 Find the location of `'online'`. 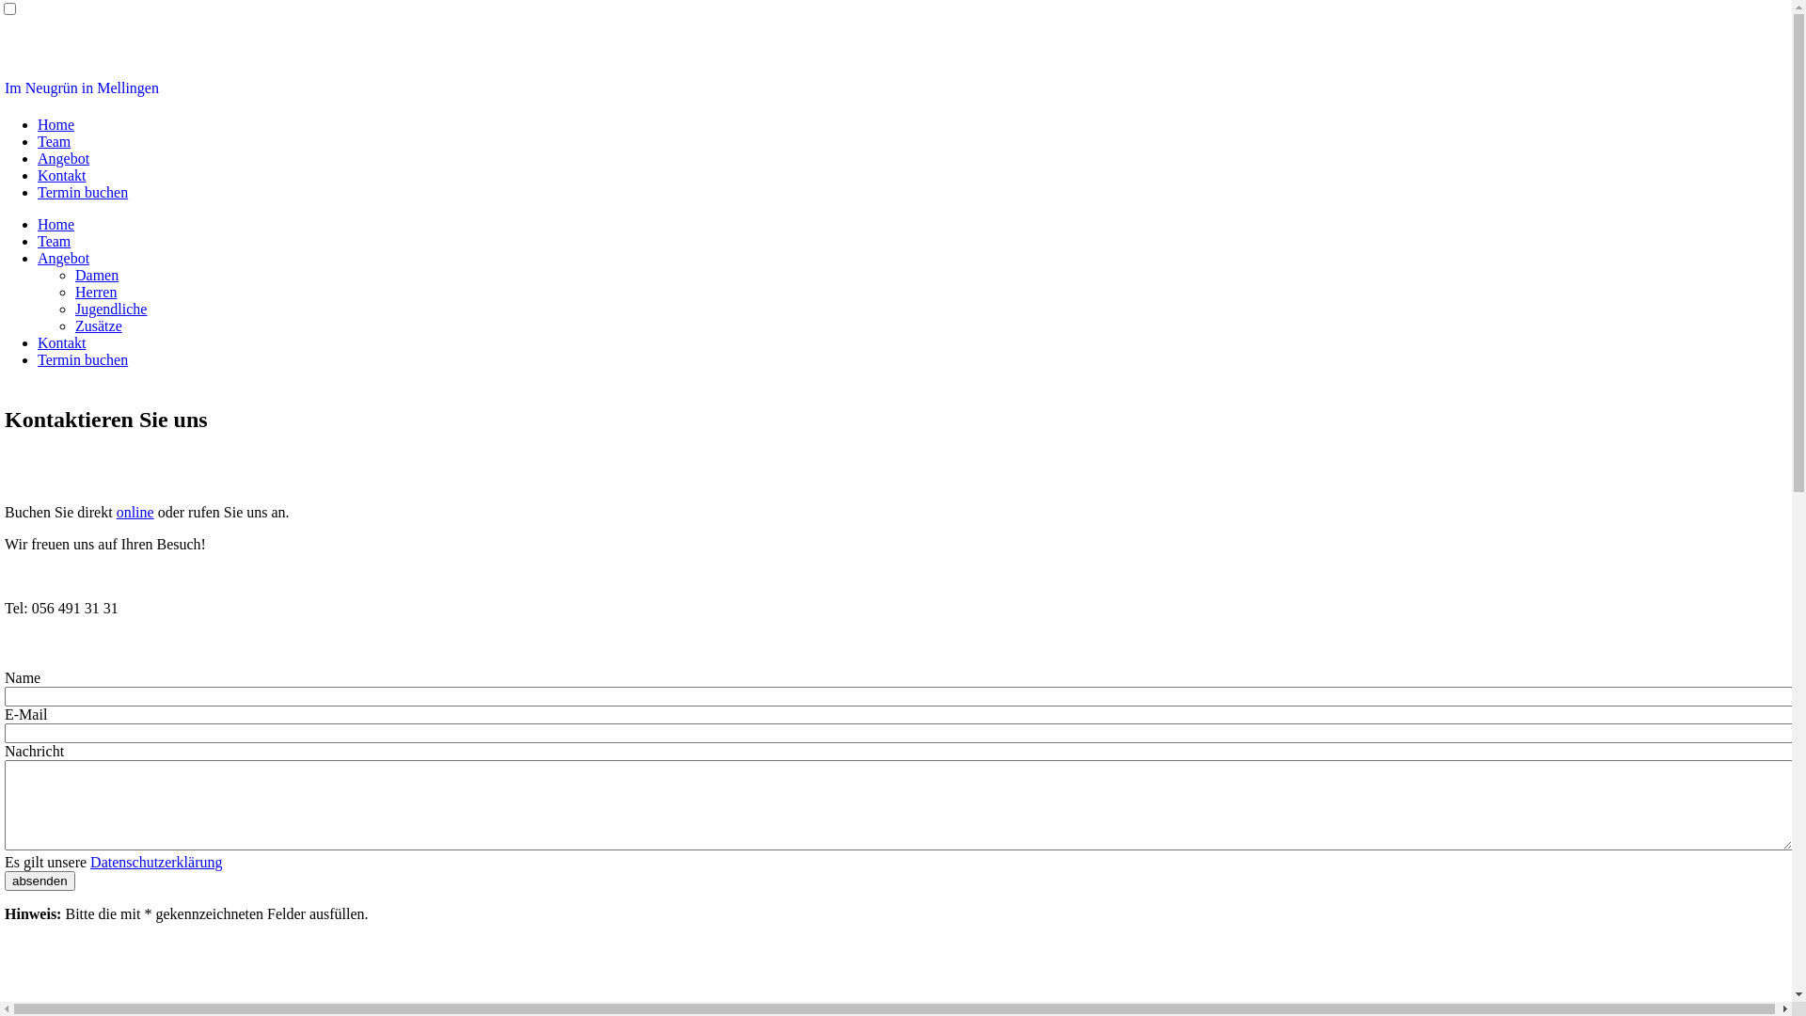

'online' is located at coordinates (135, 512).